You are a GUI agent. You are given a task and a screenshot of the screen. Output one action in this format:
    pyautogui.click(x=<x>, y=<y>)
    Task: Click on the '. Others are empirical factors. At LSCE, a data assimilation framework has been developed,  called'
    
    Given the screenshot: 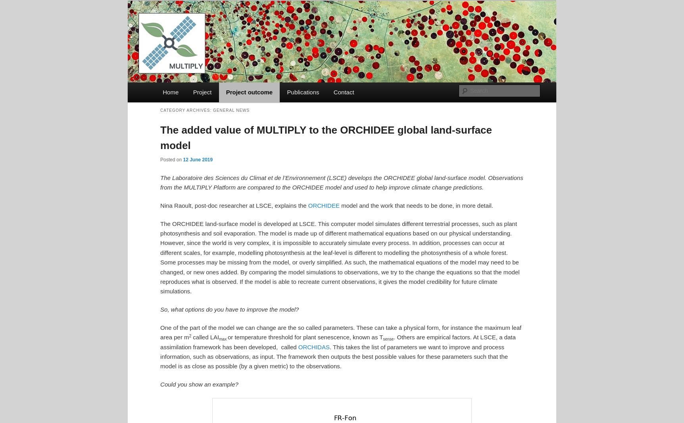 What is the action you would take?
    pyautogui.click(x=337, y=341)
    